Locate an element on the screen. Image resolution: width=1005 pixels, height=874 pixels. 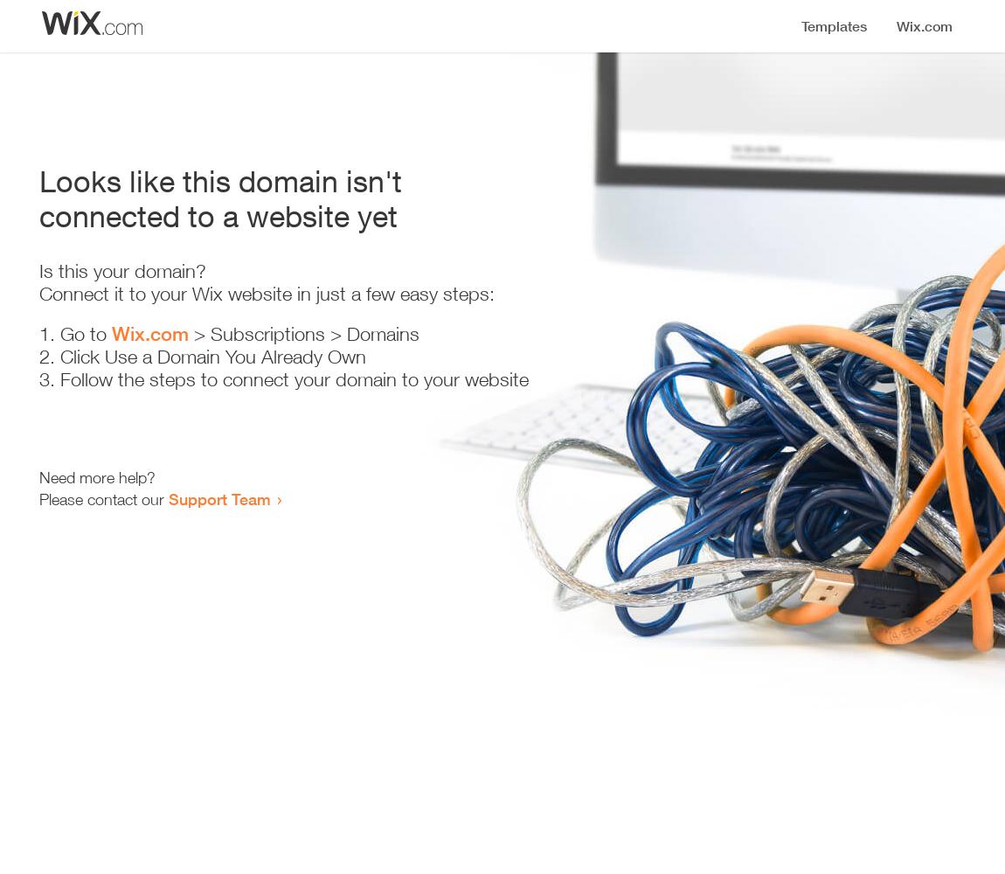
'Looks like this domain isn't' is located at coordinates (219, 180).